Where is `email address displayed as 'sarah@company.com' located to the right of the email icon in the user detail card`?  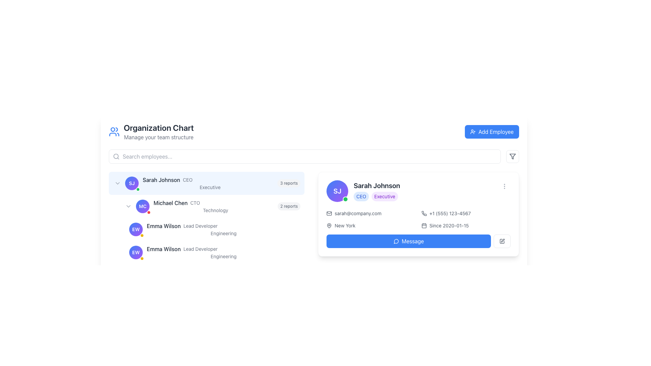
email address displayed as 'sarah@company.com' located to the right of the email icon in the user detail card is located at coordinates (358, 213).